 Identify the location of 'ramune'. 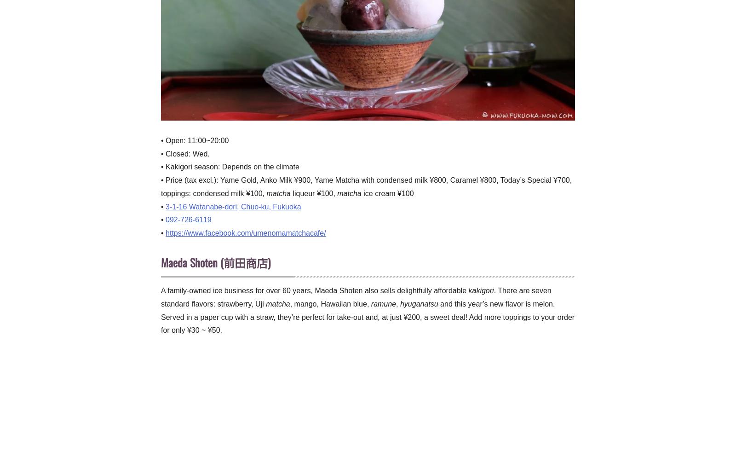
(383, 303).